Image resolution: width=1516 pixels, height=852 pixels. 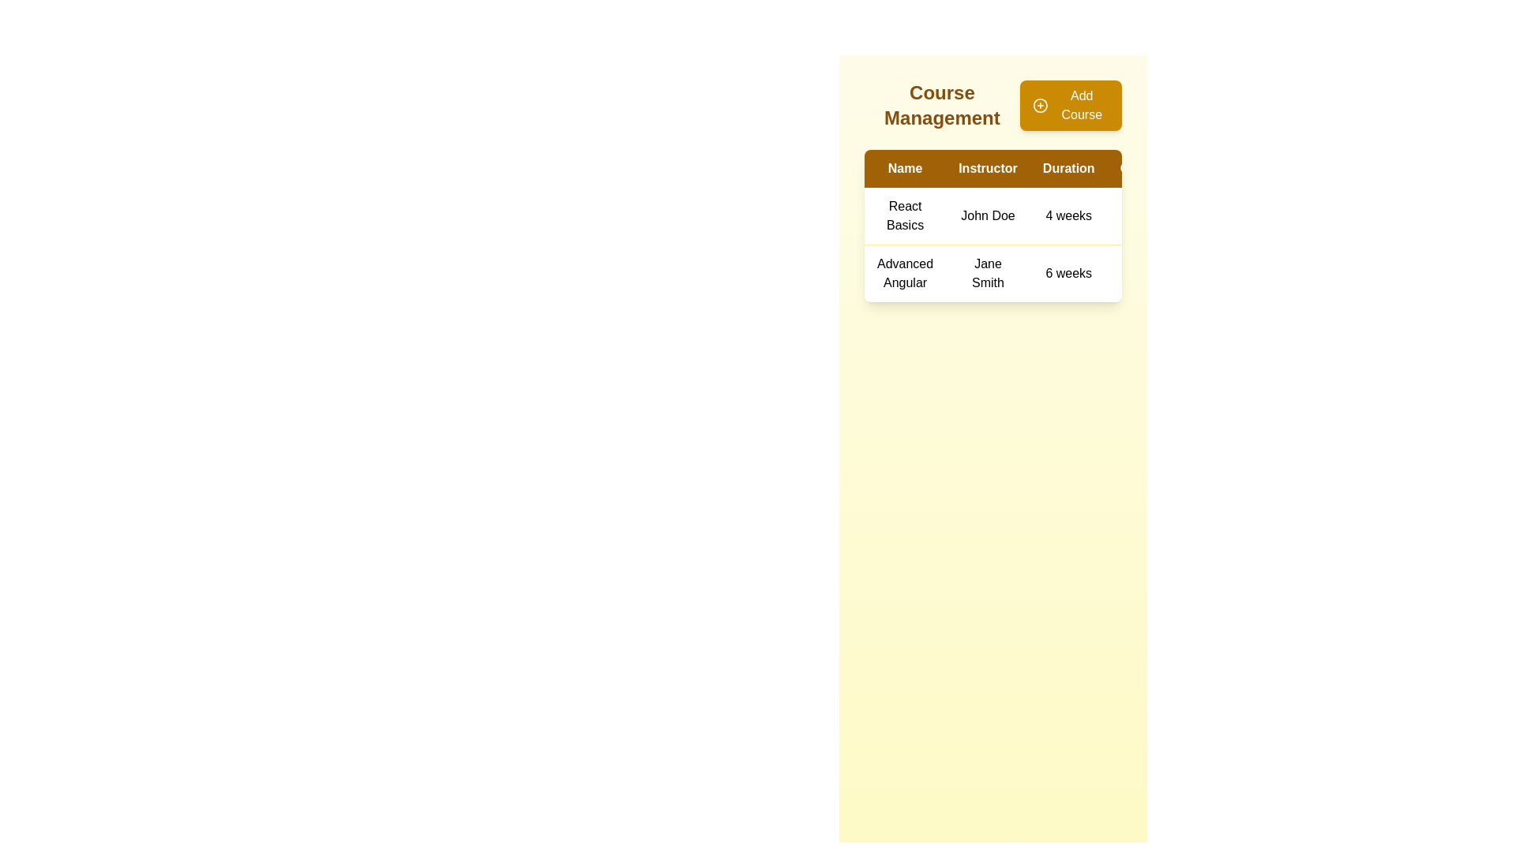 I want to click on the instructor's name text label for the 'Advanced Angular' course, which is positioned under the 'Instructor' column in the table, centered horizontally in its grid cell, so click(x=987, y=272).